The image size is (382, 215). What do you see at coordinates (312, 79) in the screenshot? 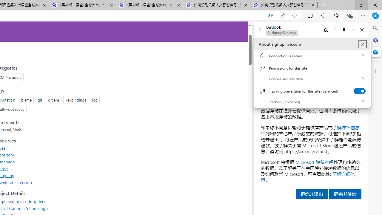
I see `'Cookies and site data'` at bounding box center [312, 79].